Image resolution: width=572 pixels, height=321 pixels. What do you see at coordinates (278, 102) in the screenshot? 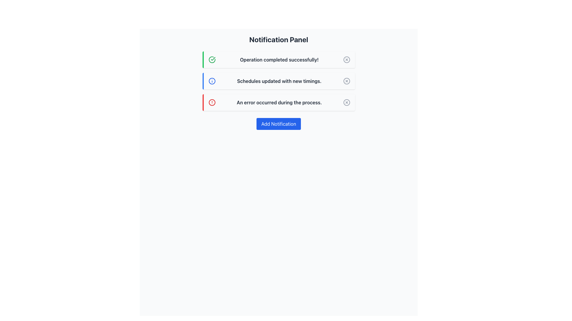
I see `the third Notification Box, which has a red icon and displays the text 'An error occurred during the process.'` at bounding box center [278, 102].